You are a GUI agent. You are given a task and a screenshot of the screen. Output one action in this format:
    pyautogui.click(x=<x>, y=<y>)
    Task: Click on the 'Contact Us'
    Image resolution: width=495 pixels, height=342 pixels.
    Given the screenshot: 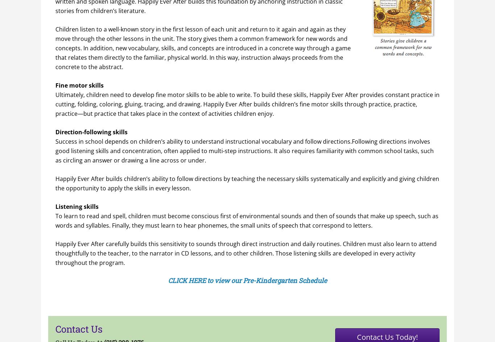 What is the action you would take?
    pyautogui.click(x=79, y=328)
    